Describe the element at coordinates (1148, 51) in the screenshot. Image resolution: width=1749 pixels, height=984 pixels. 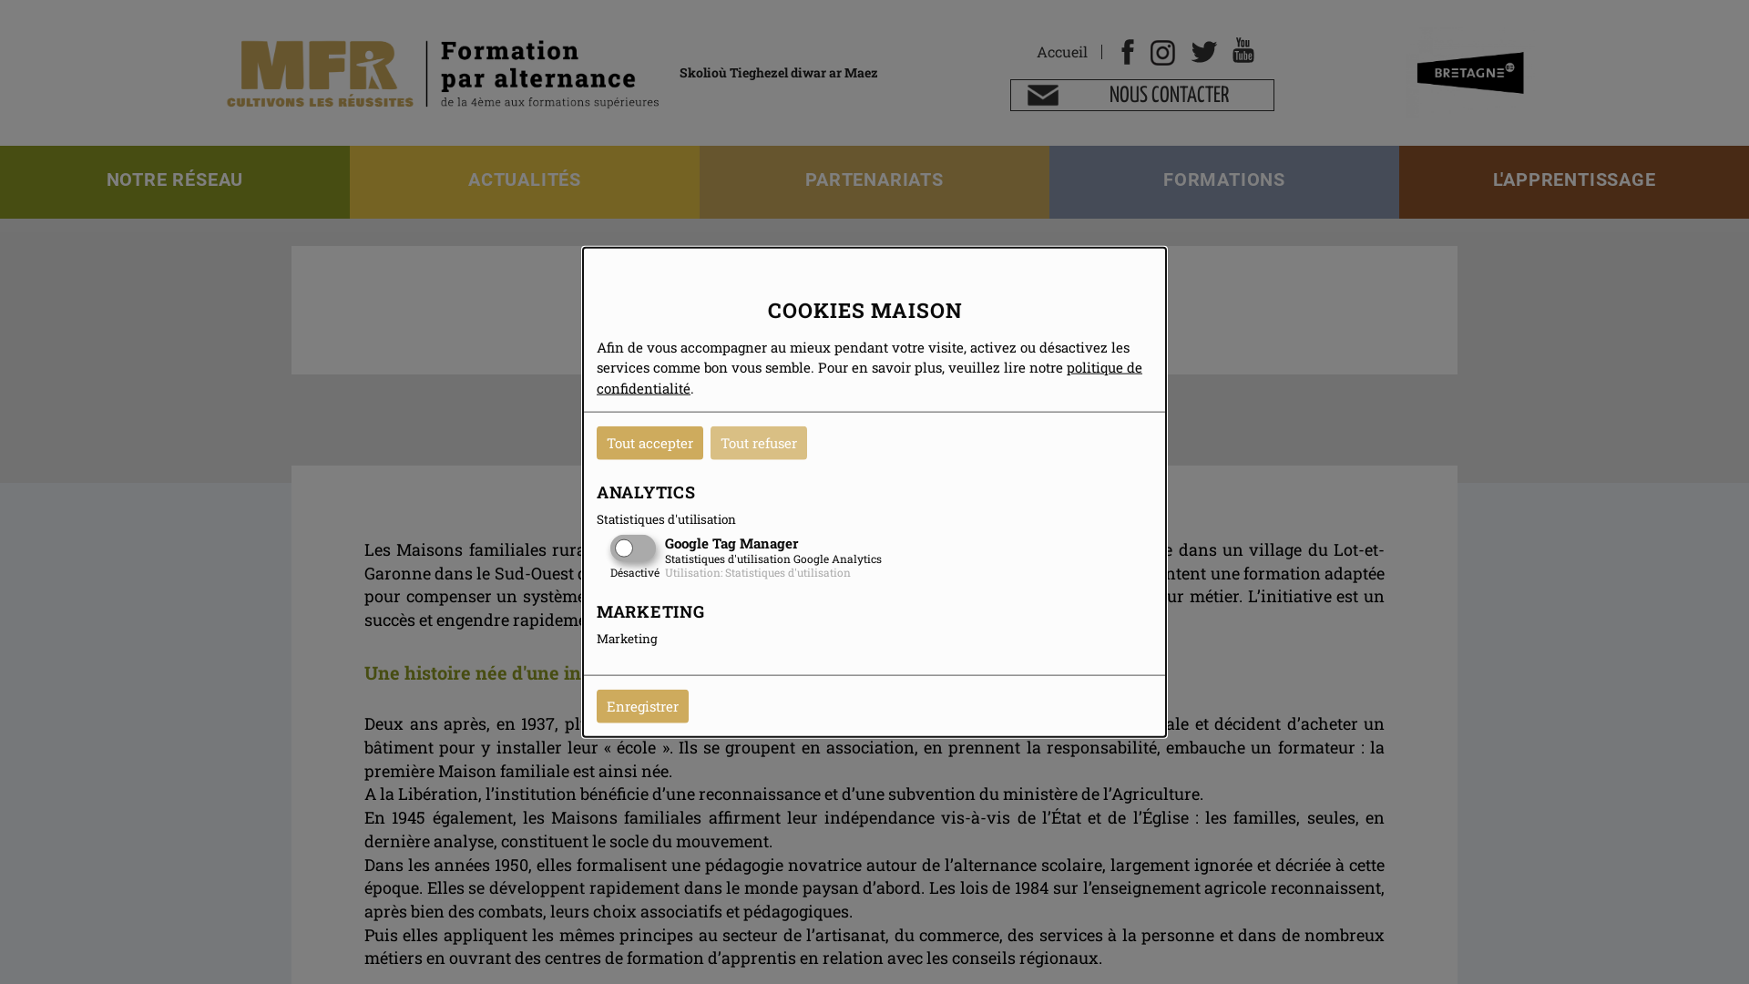
I see `'Instagram'` at that location.